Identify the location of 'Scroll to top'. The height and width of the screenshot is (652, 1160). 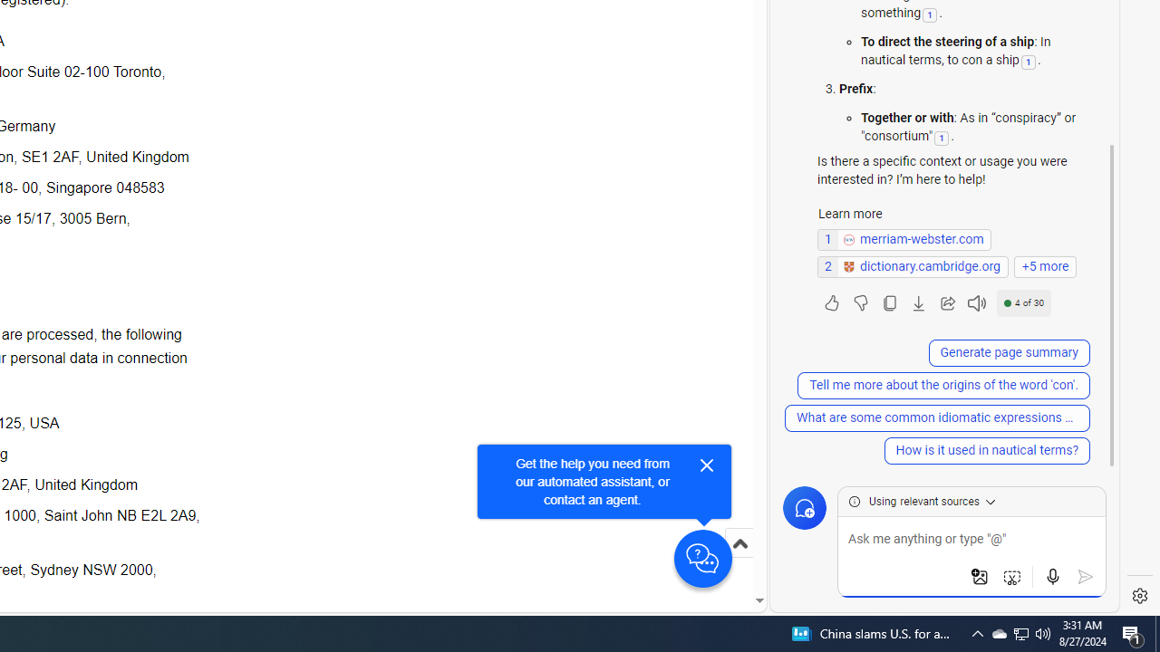
(739, 542).